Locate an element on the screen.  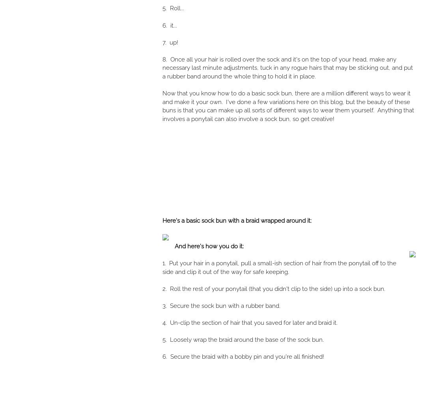
'6.  it...' is located at coordinates (162, 25).